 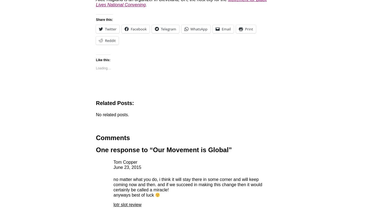 I want to click on 'no matter what you do, i think it will stay there in some corner and will keep coming now and then. and if we succeed in making this change then it would certainly be called a miracle!', so click(x=187, y=184).